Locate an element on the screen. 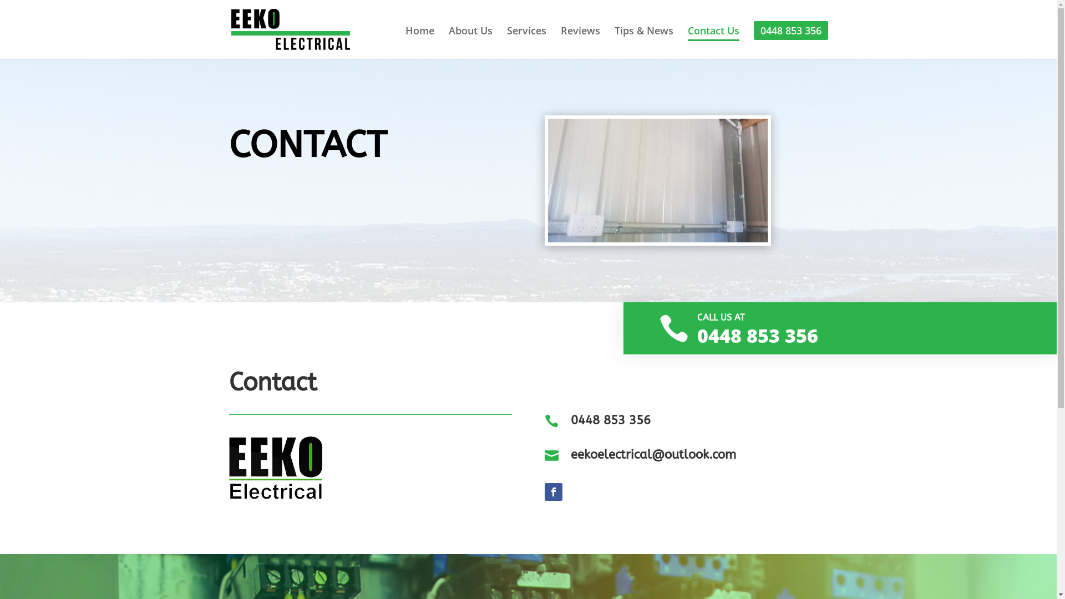  'Home' is located at coordinates (418, 40).